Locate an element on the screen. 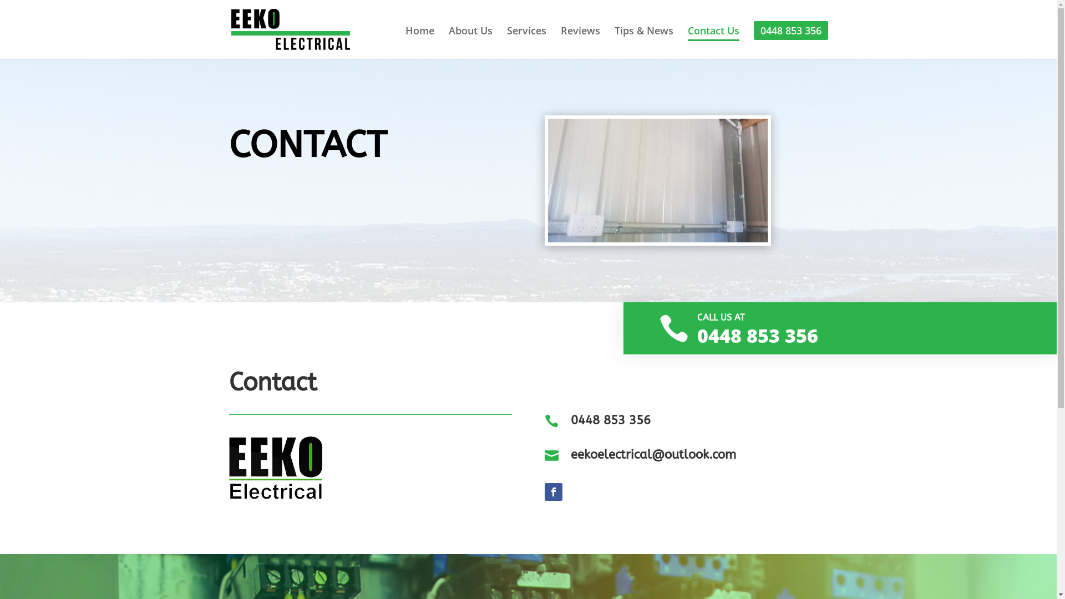  'Home' is located at coordinates (418, 40).